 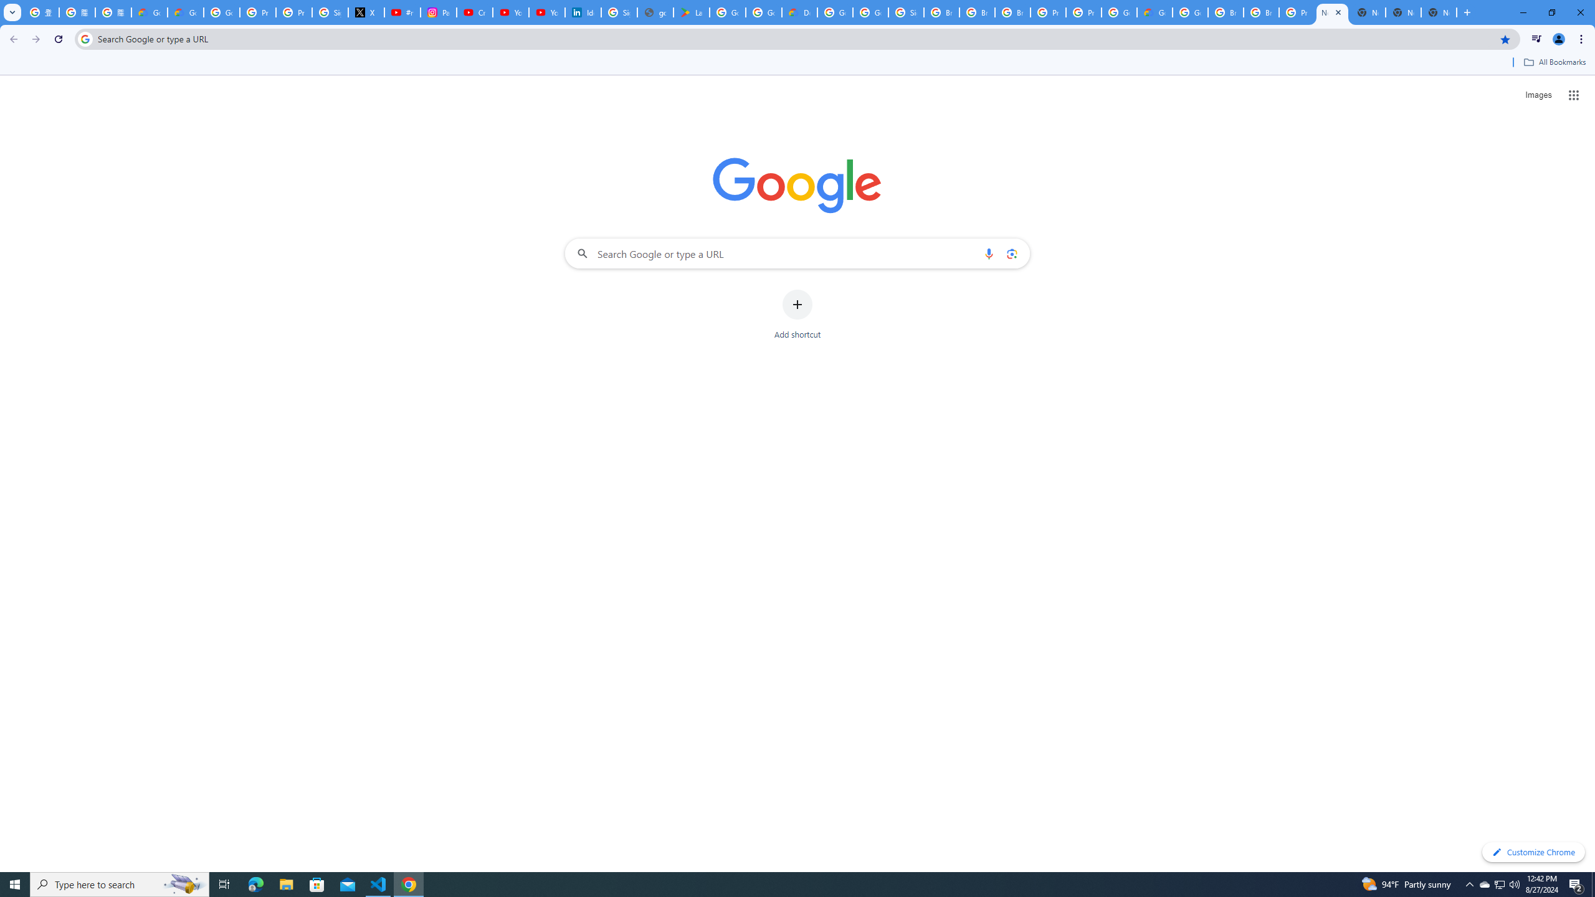 I want to click on 'Add shortcut', so click(x=797, y=315).